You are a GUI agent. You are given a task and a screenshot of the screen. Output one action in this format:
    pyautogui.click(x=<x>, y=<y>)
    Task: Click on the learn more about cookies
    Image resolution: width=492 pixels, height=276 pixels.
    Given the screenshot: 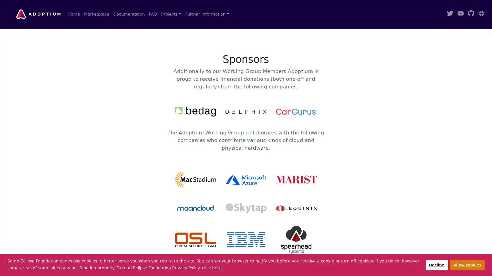 What is the action you would take?
    pyautogui.click(x=212, y=268)
    